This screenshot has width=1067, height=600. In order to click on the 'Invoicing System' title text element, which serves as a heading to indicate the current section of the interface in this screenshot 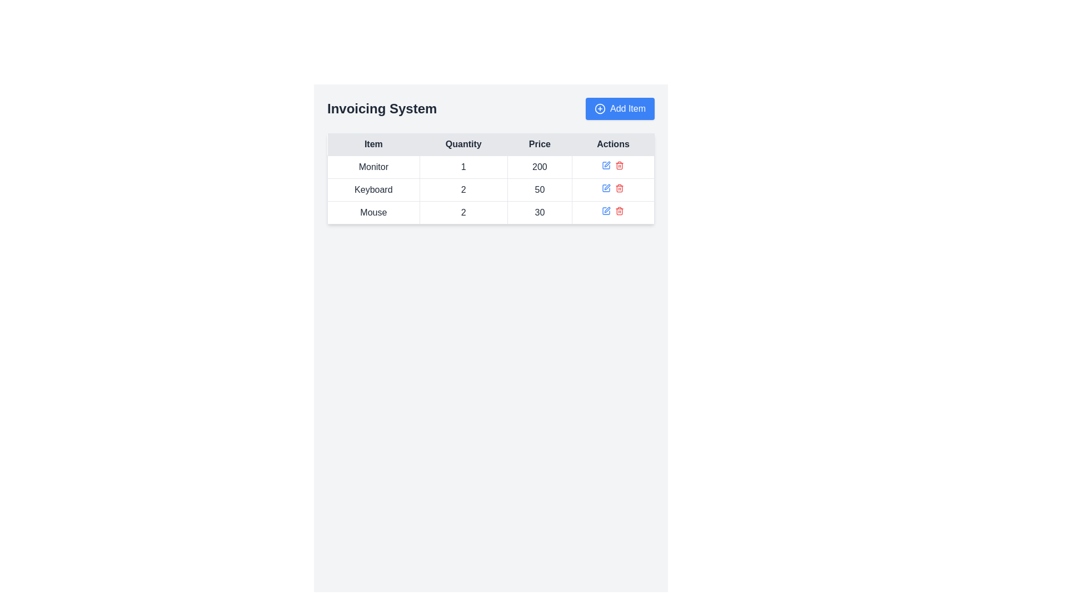, I will do `click(382, 109)`.